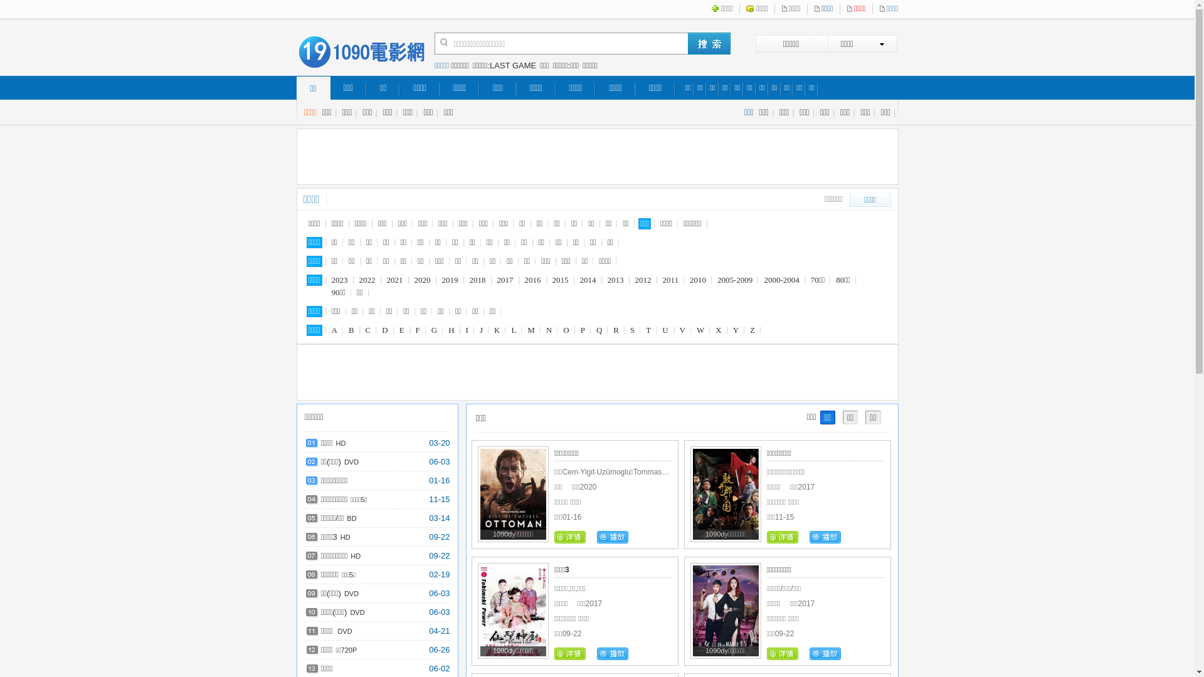 The image size is (1204, 677). I want to click on '2016', so click(523, 280).